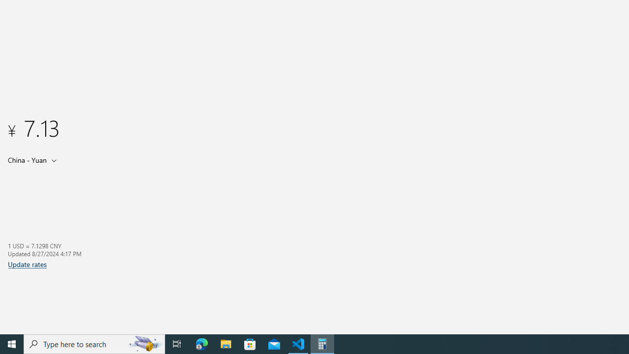 Image resolution: width=629 pixels, height=354 pixels. Describe the element at coordinates (26, 159) in the screenshot. I see `'China Yuan'` at that location.